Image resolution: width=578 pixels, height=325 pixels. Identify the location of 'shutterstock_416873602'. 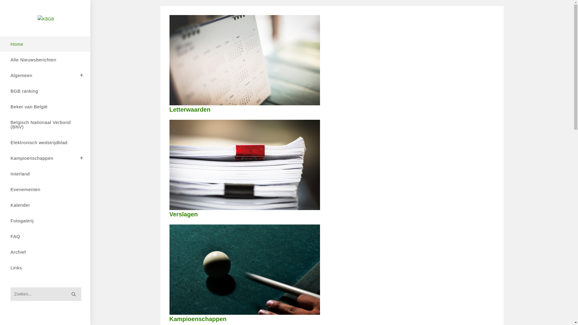
(244, 165).